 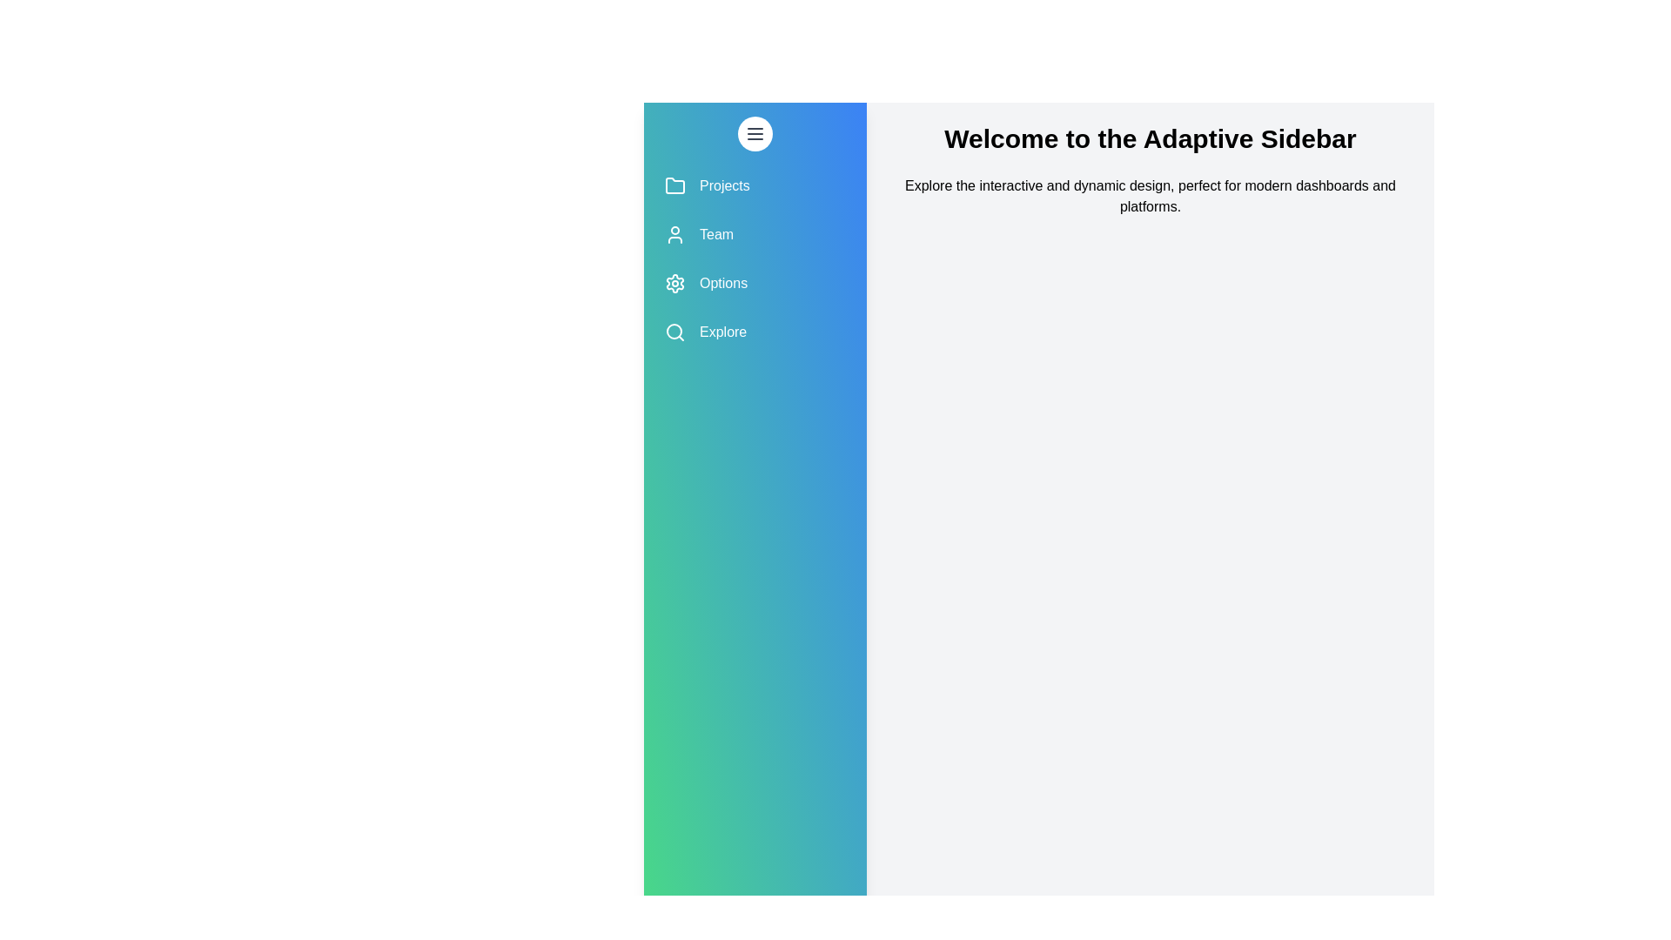 What do you see at coordinates (1150, 138) in the screenshot?
I see `the header text 'Welcome to the Adaptive Sidebar' to focus on it` at bounding box center [1150, 138].